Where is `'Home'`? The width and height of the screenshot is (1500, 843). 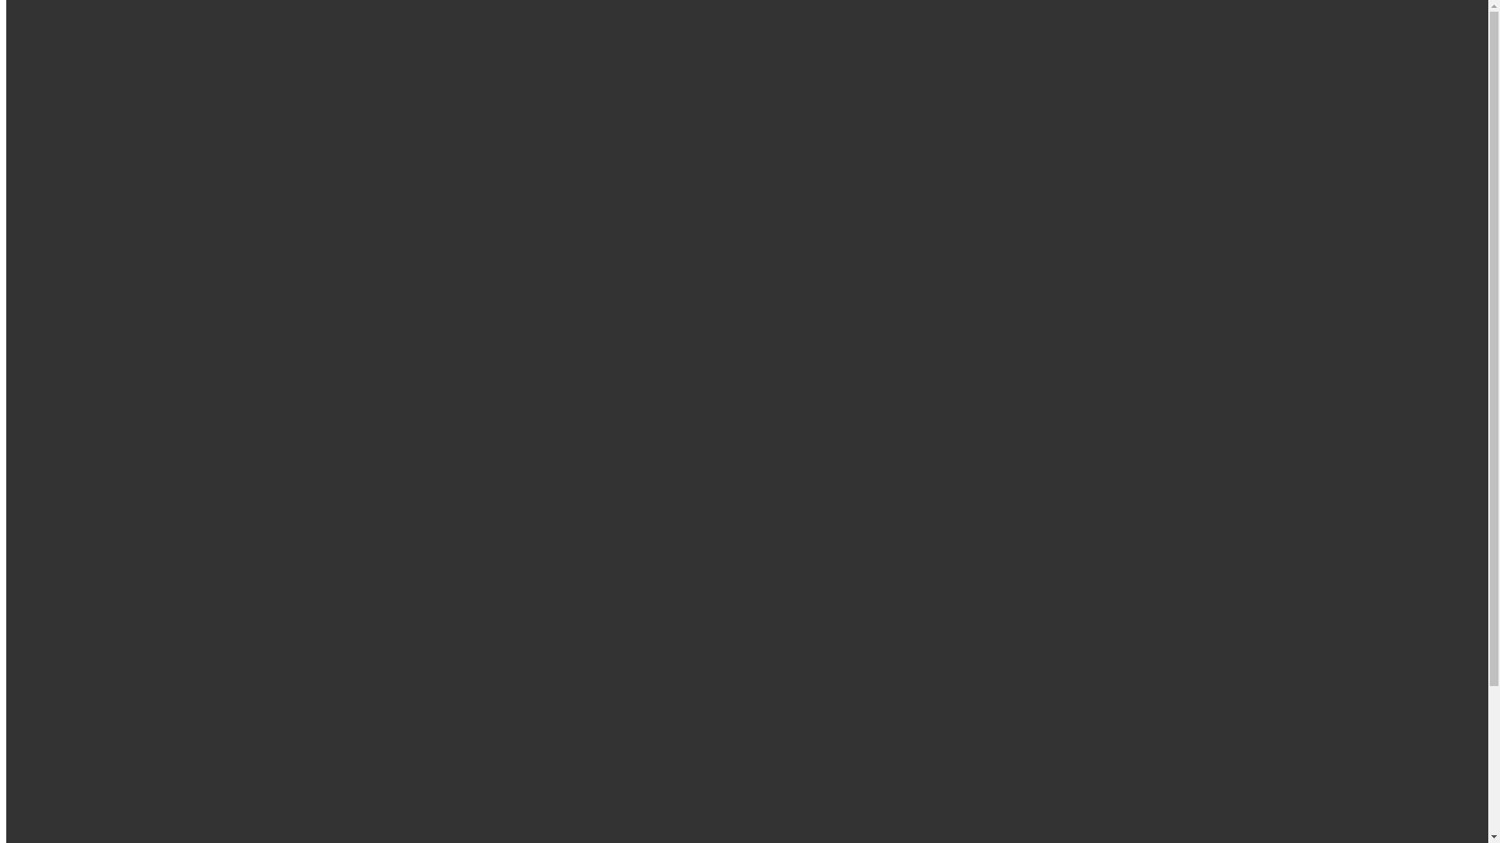 'Home' is located at coordinates (26, 108).